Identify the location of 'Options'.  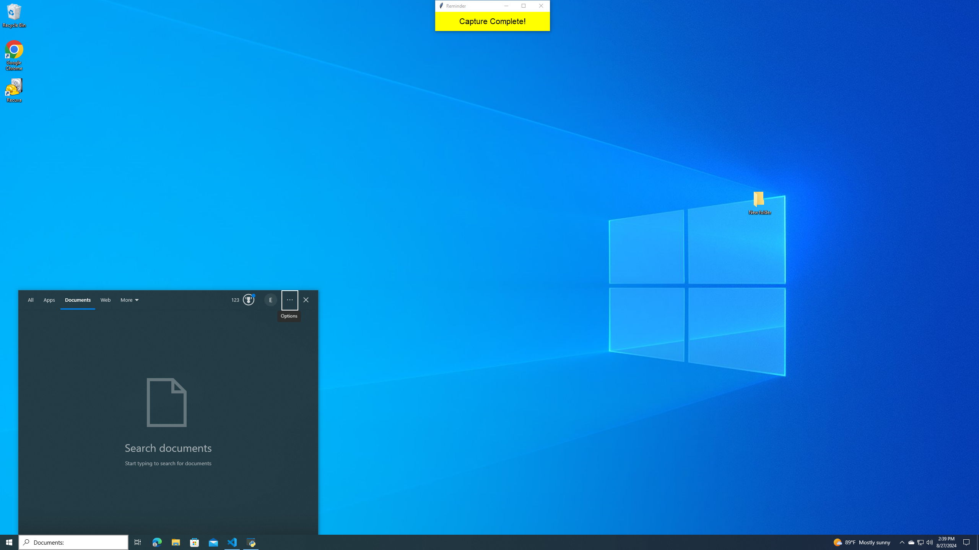
(289, 300).